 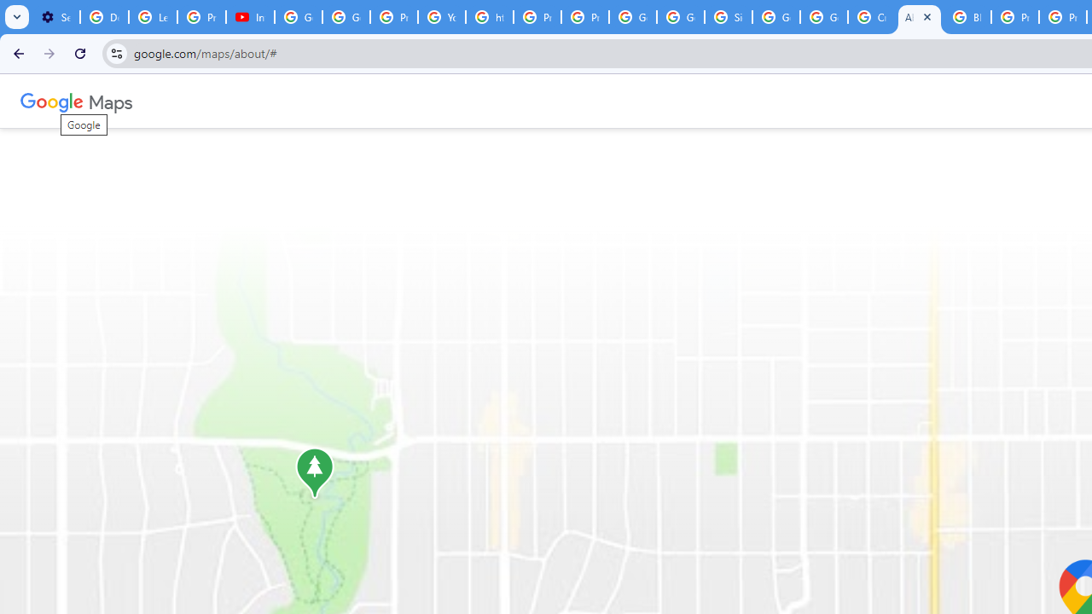 I want to click on 'Maps', so click(x=109, y=101).